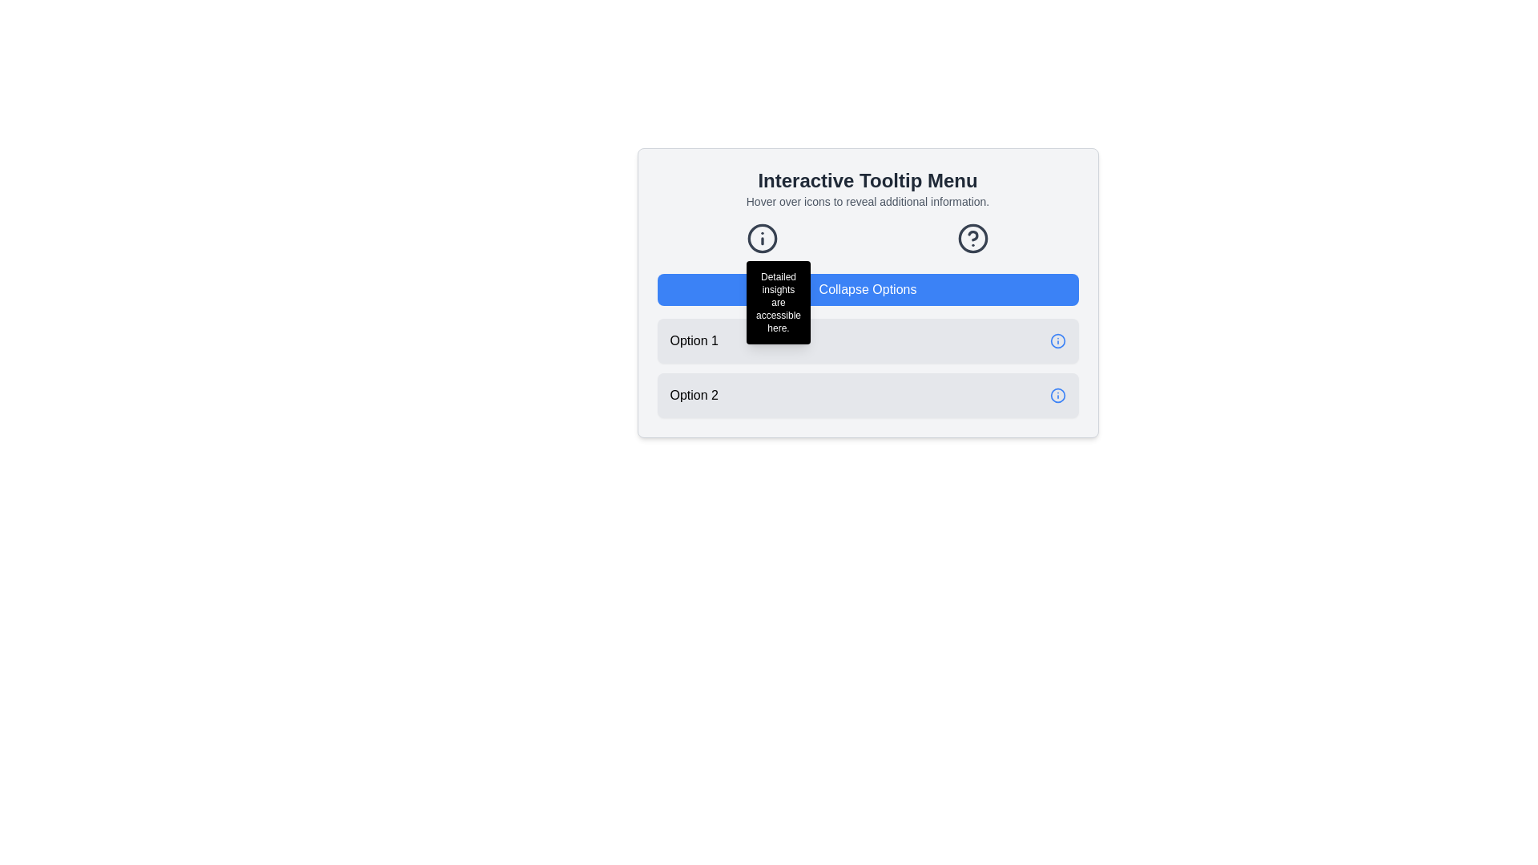  What do you see at coordinates (779, 303) in the screenshot?
I see `the tooltip with the message 'Detailed insights are accessible here.' to keep it visible` at bounding box center [779, 303].